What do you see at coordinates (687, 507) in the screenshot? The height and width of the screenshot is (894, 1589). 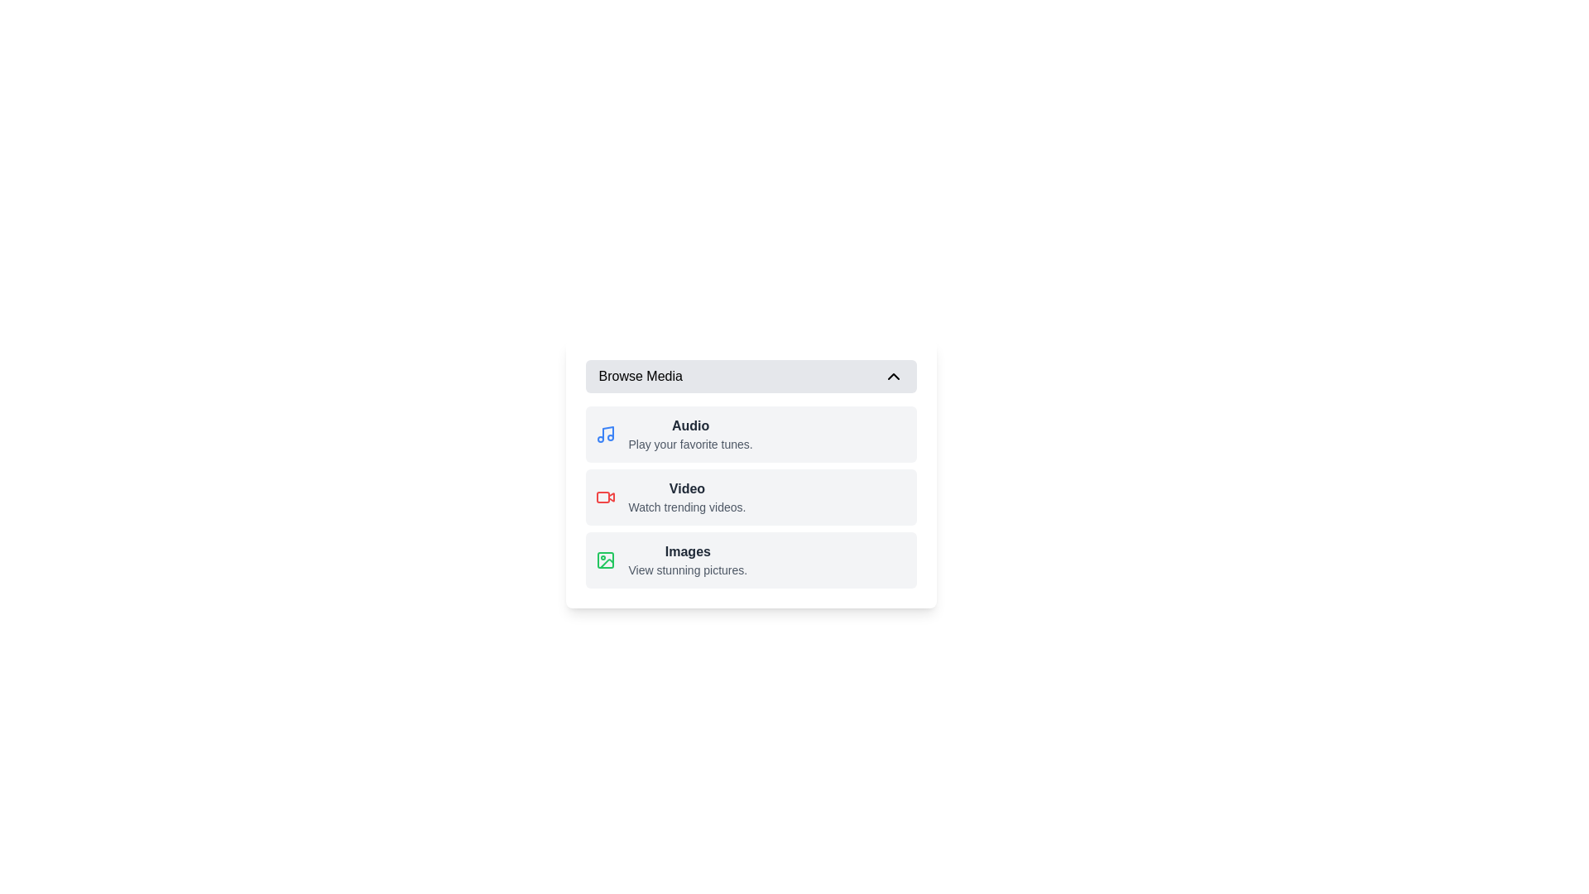 I see `text label displaying 'Watch trending videos.' which is positioned beneath the 'Video' label in a light gray color scheme` at bounding box center [687, 507].